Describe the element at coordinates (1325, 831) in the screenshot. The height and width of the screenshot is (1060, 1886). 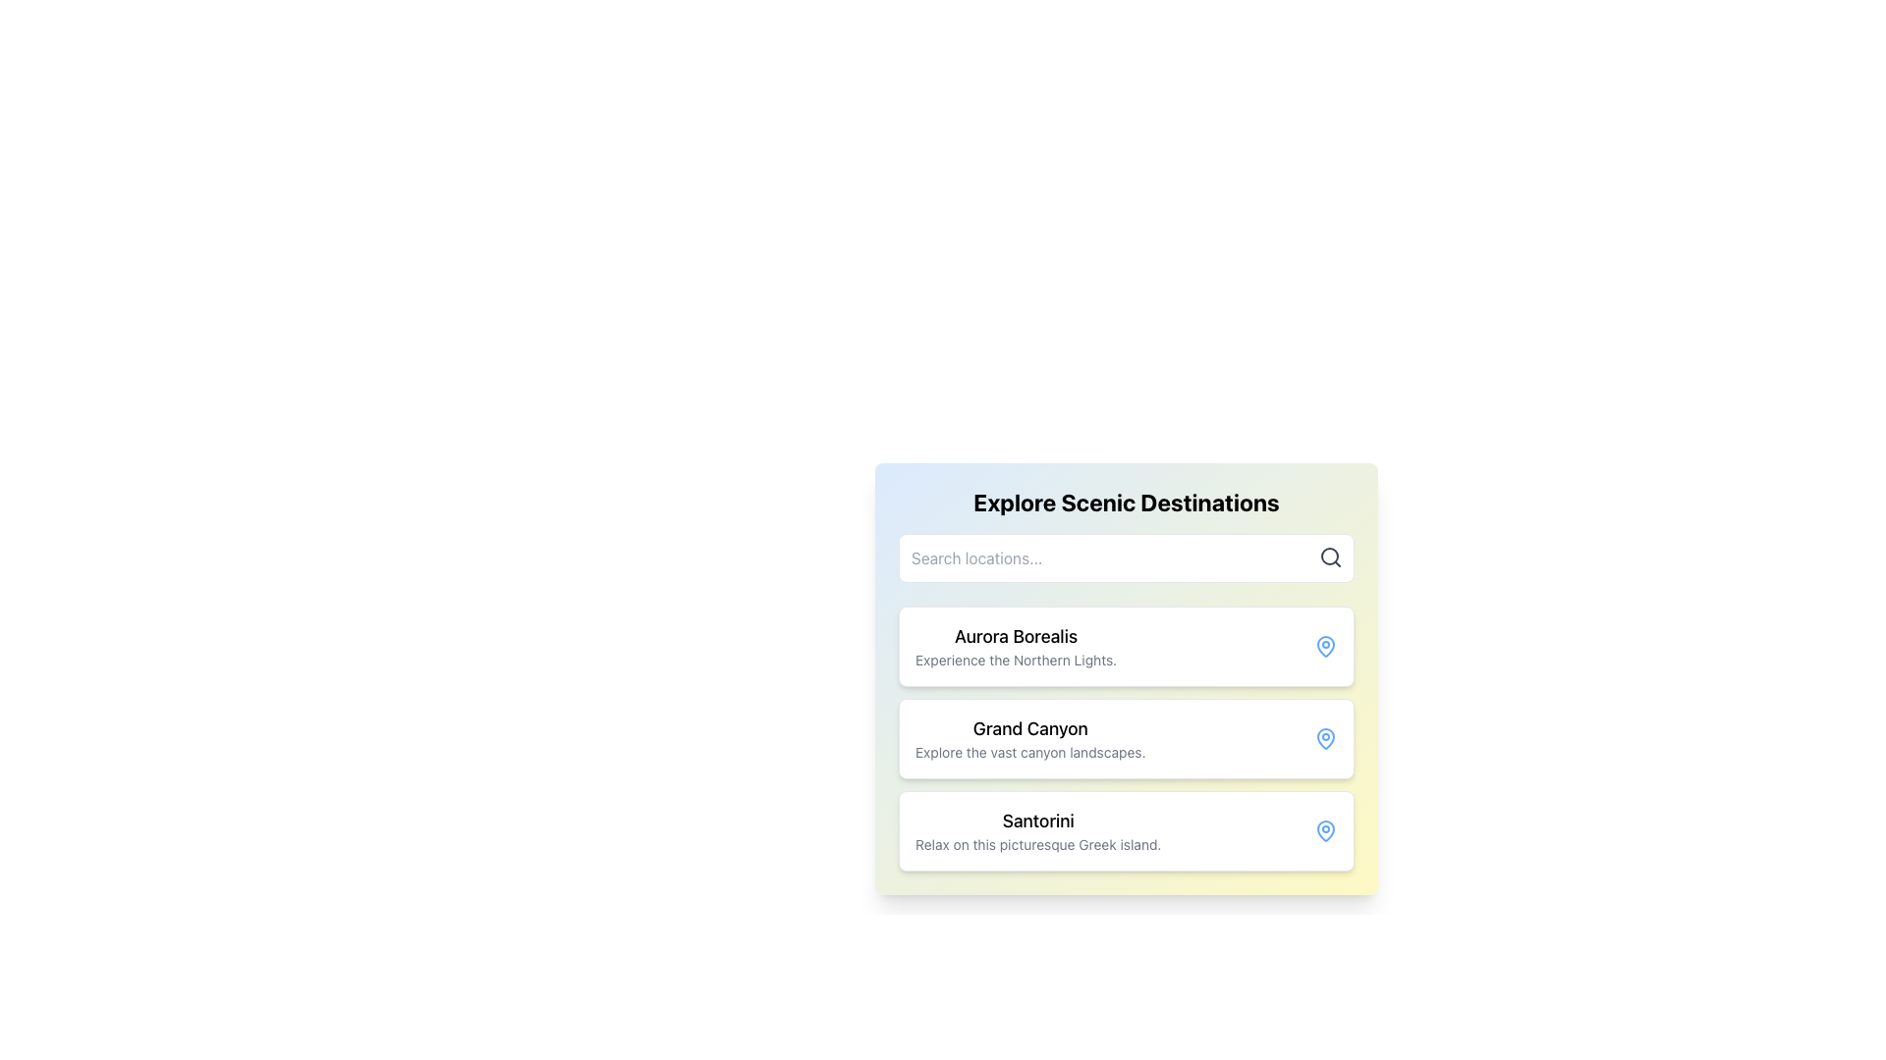
I see `the small blue location pin icon on the far right side of the 'Santorini' row` at that location.